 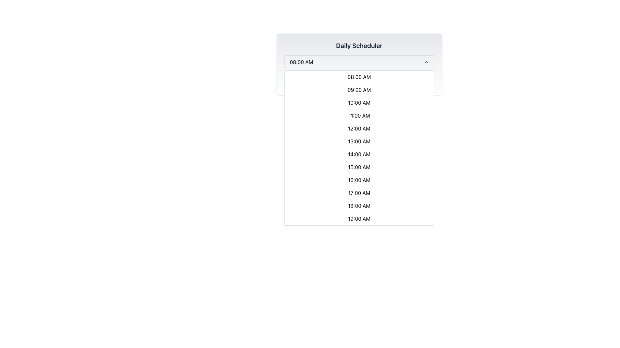 What do you see at coordinates (359, 167) in the screenshot?
I see `to select the time option '15:00 AM' from the eighth position in the dropdown menu` at bounding box center [359, 167].